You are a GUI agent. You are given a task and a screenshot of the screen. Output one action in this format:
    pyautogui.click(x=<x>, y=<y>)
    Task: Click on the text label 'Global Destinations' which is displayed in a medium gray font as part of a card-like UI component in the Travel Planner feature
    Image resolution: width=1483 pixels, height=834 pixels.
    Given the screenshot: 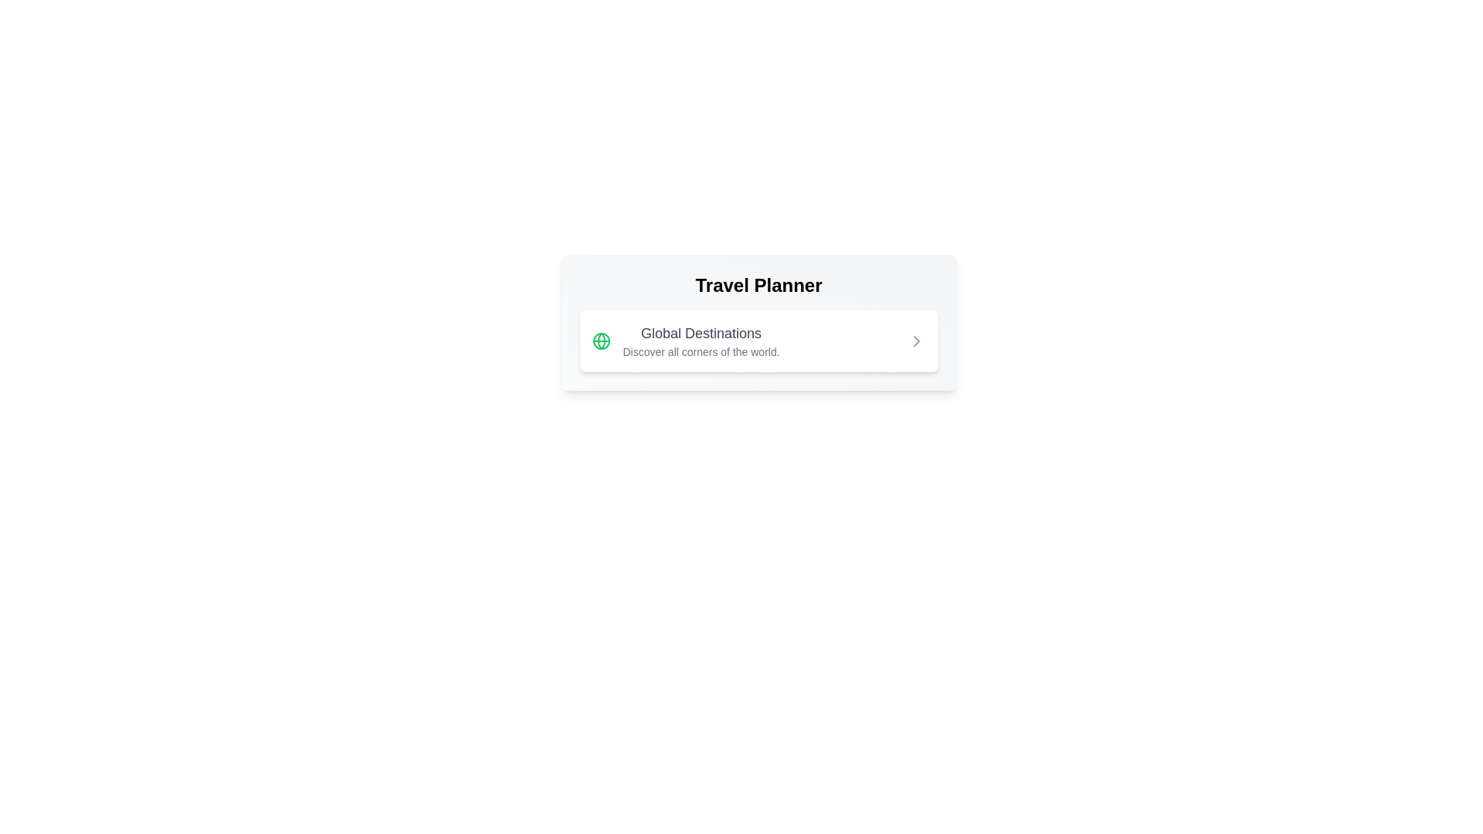 What is the action you would take?
    pyautogui.click(x=700, y=333)
    